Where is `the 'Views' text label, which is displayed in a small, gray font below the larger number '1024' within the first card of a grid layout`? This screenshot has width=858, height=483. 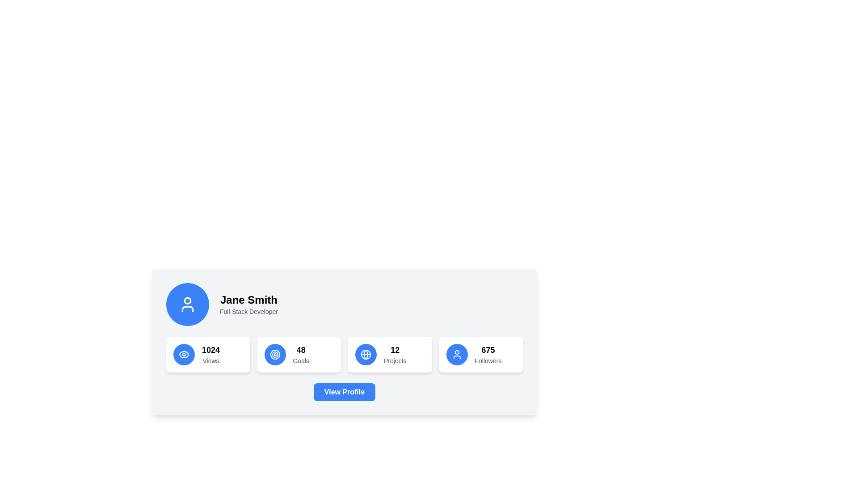 the 'Views' text label, which is displayed in a small, gray font below the larger number '1024' within the first card of a grid layout is located at coordinates (210, 360).